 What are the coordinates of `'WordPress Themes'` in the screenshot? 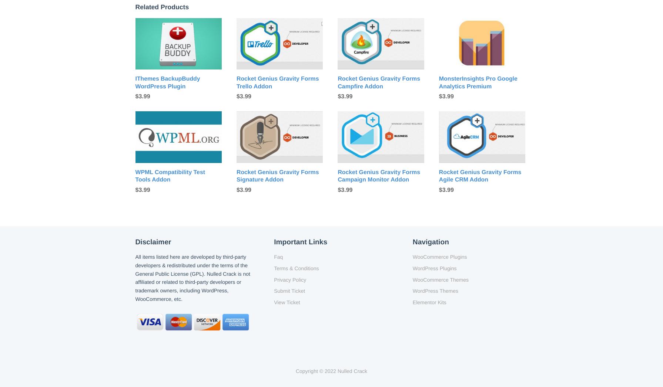 It's located at (435, 291).